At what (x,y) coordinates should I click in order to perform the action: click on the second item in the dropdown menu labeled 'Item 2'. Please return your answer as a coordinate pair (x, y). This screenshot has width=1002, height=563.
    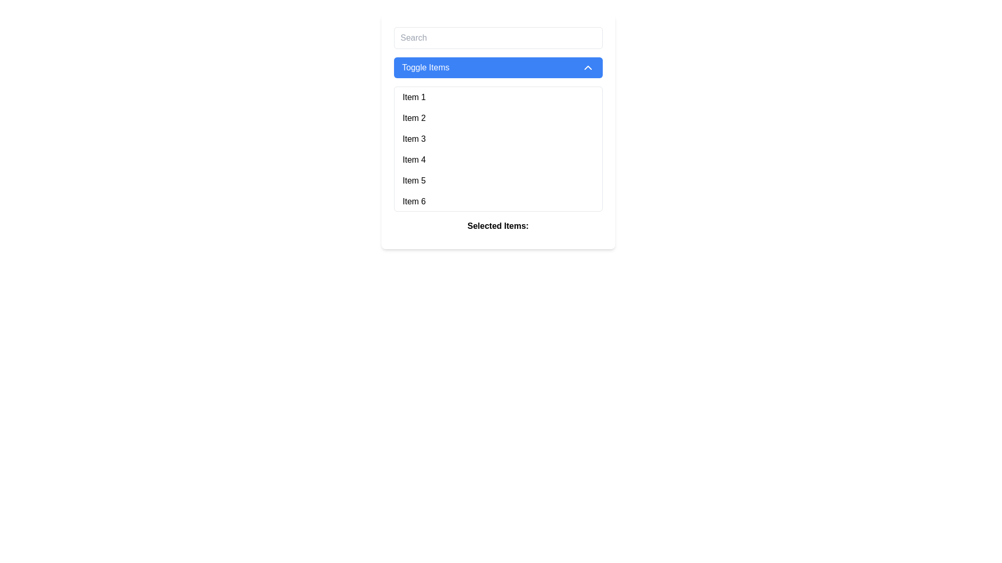
    Looking at the image, I should click on (497, 118).